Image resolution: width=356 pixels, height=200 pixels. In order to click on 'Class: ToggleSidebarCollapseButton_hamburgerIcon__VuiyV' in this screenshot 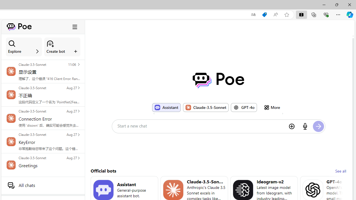, I will do `click(75, 27)`.